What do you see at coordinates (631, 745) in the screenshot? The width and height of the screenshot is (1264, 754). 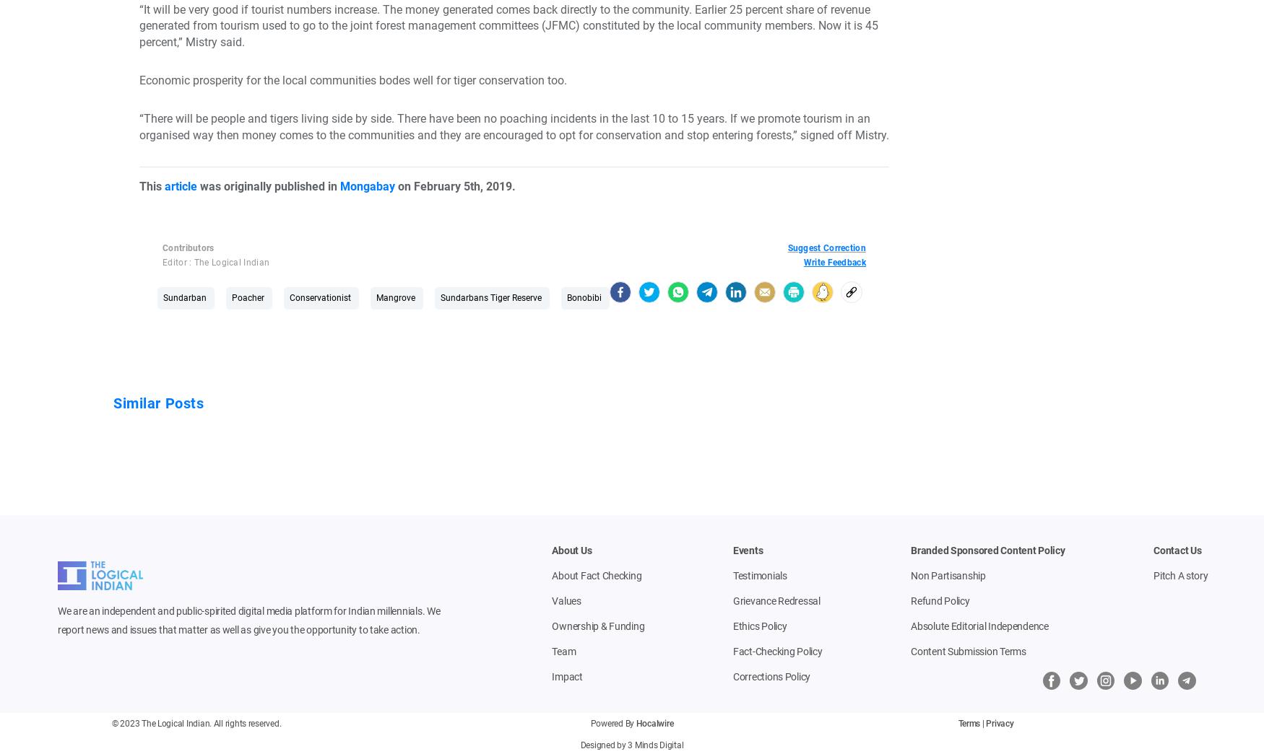 I see `'Designed by 3 Minds Digital'` at bounding box center [631, 745].